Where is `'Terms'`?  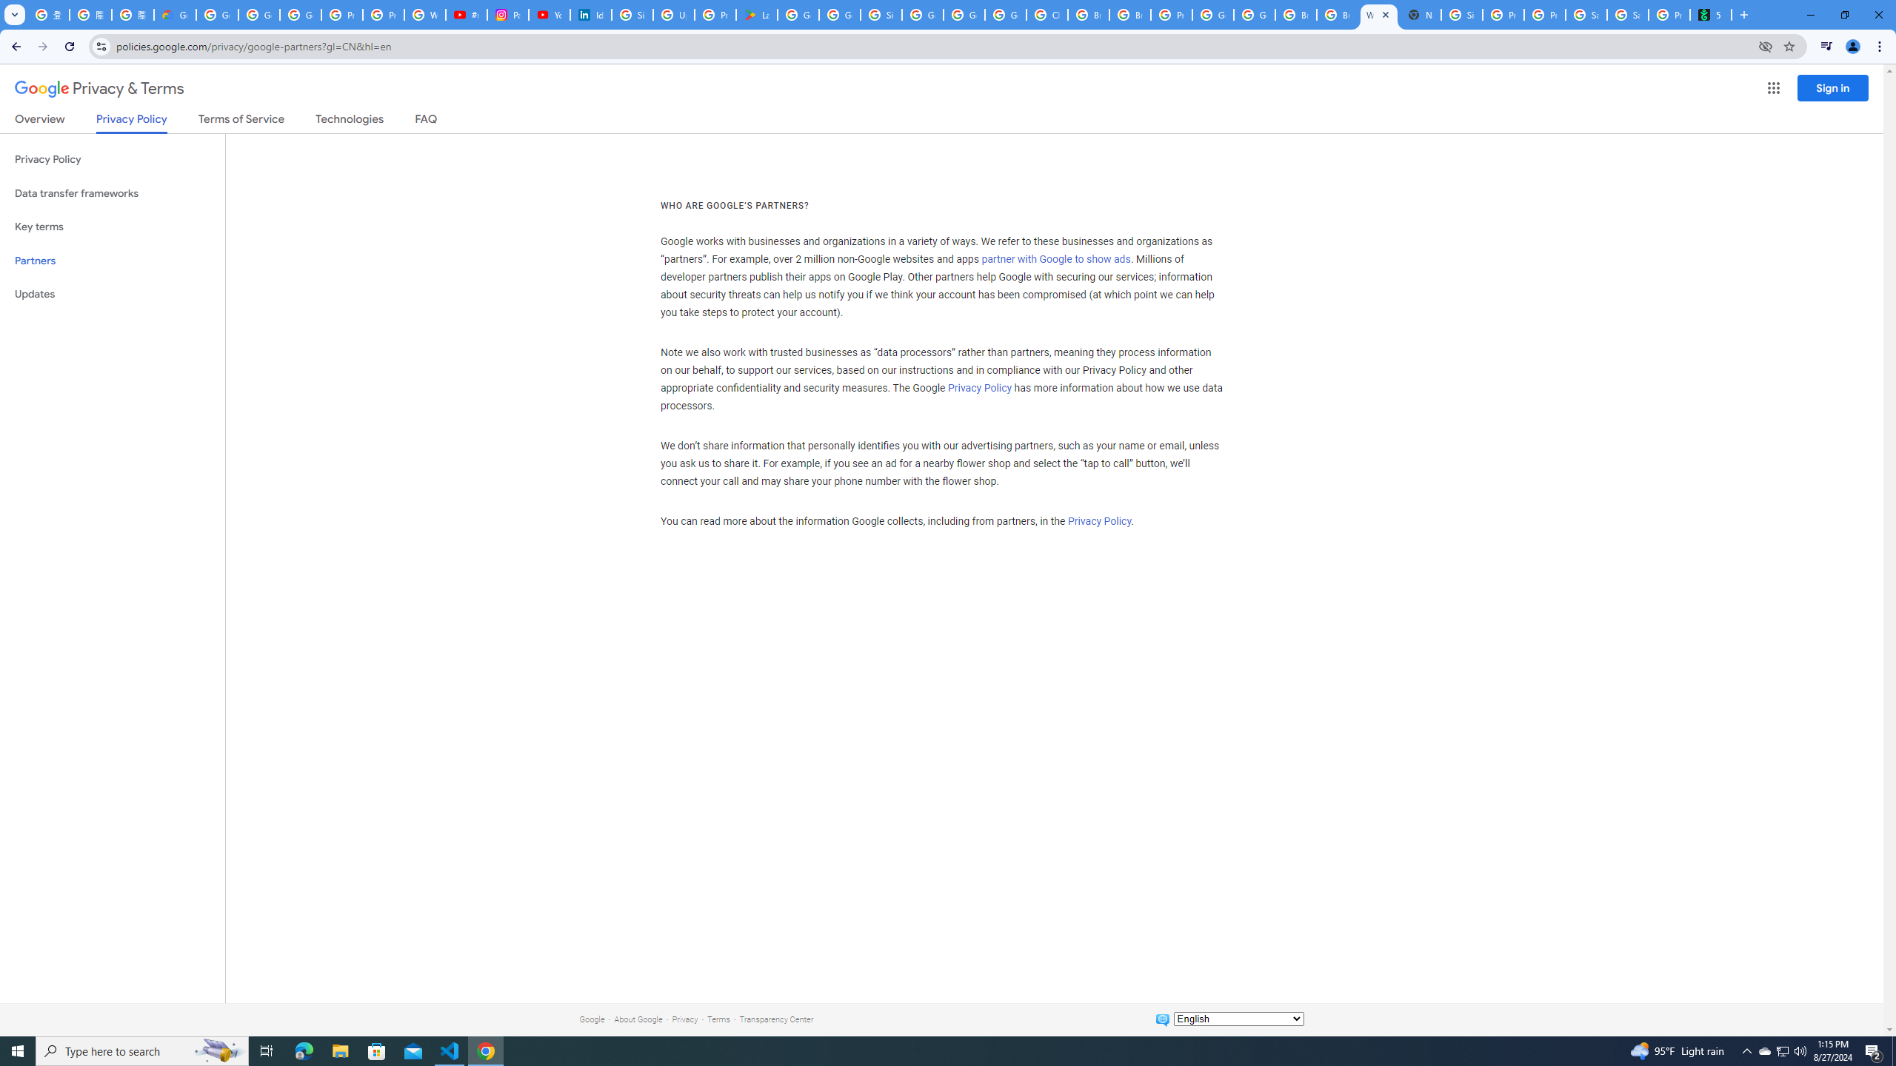
'Terms' is located at coordinates (718, 1019).